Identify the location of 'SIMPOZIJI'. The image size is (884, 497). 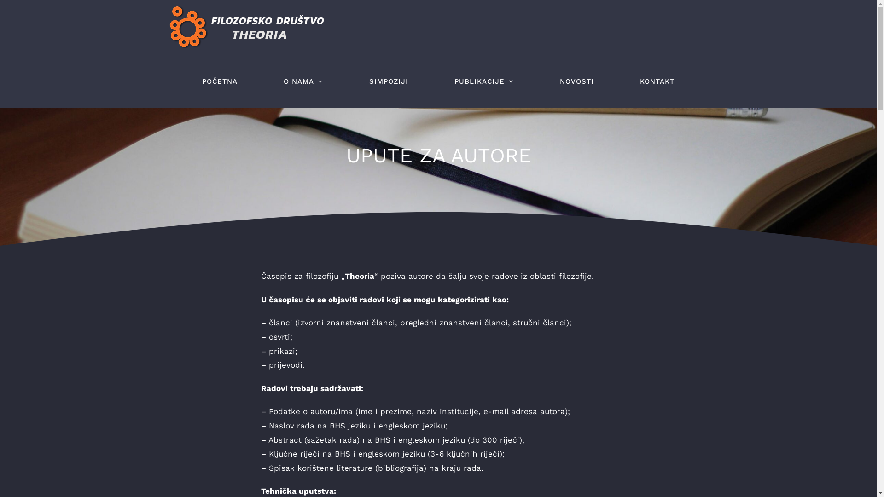
(389, 81).